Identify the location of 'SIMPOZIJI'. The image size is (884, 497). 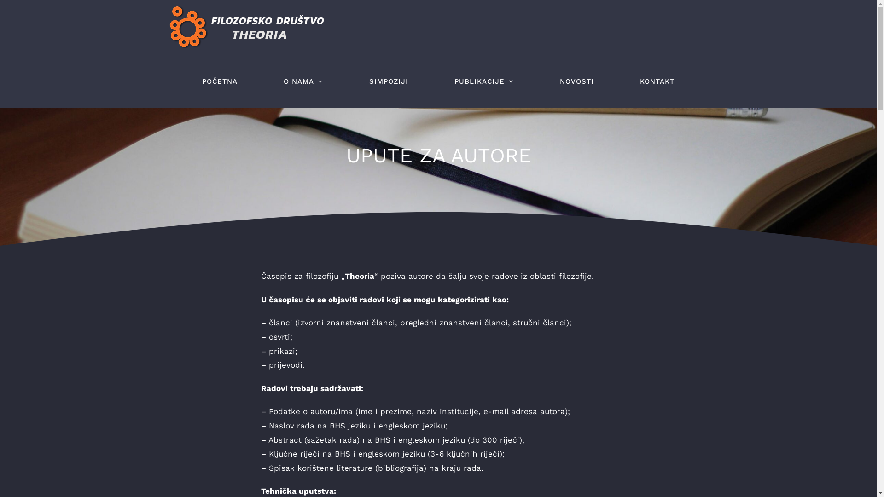
(389, 81).